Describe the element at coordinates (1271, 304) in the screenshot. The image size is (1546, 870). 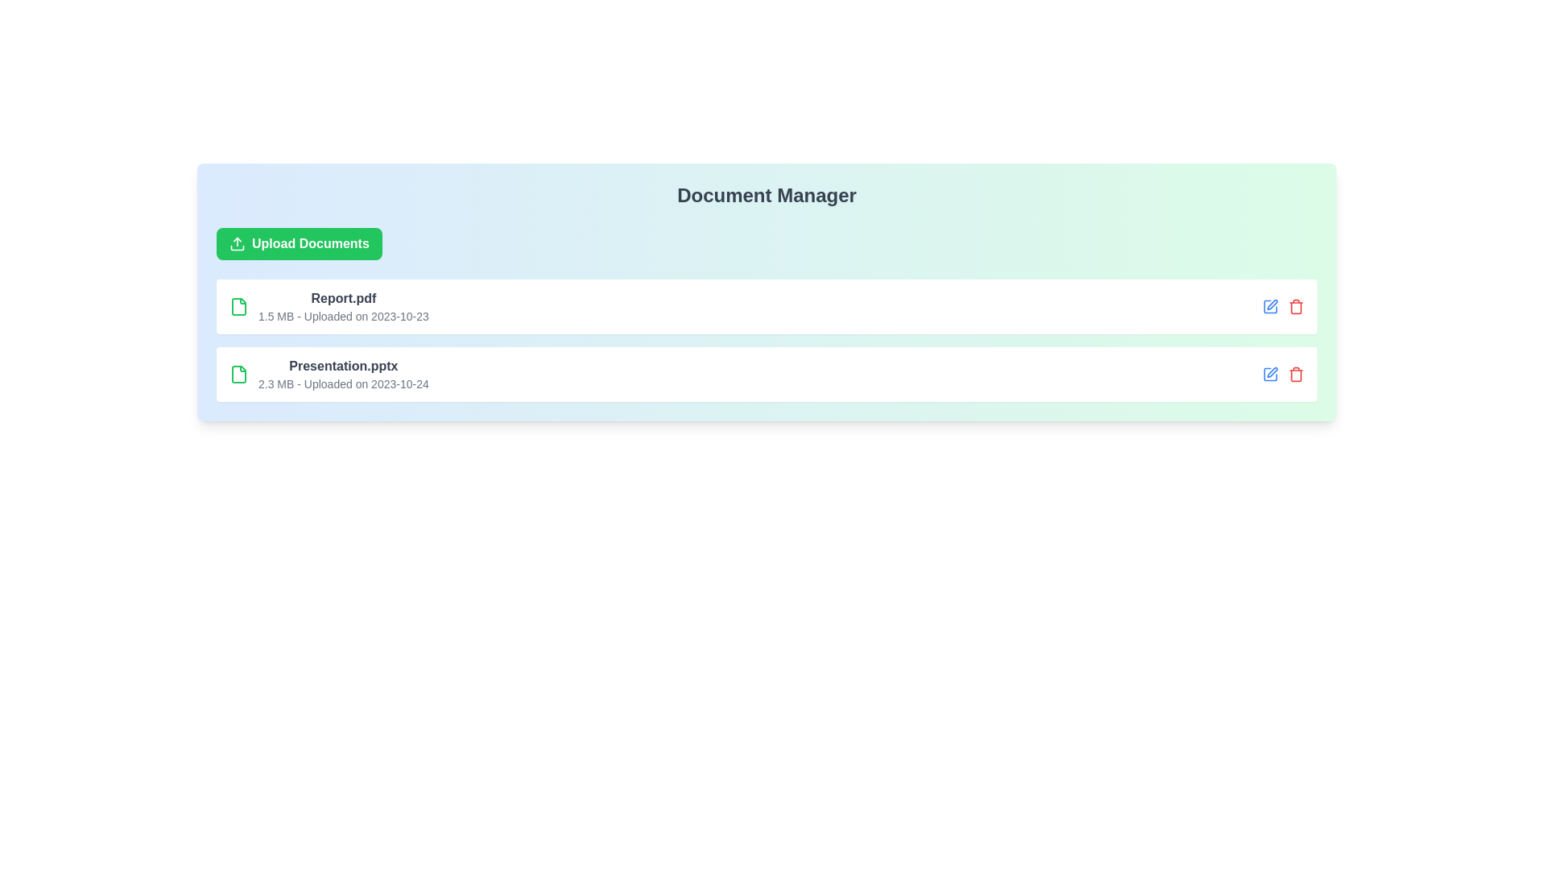
I see `the edit icon/button located at the right end of the second row of listed documents` at that location.